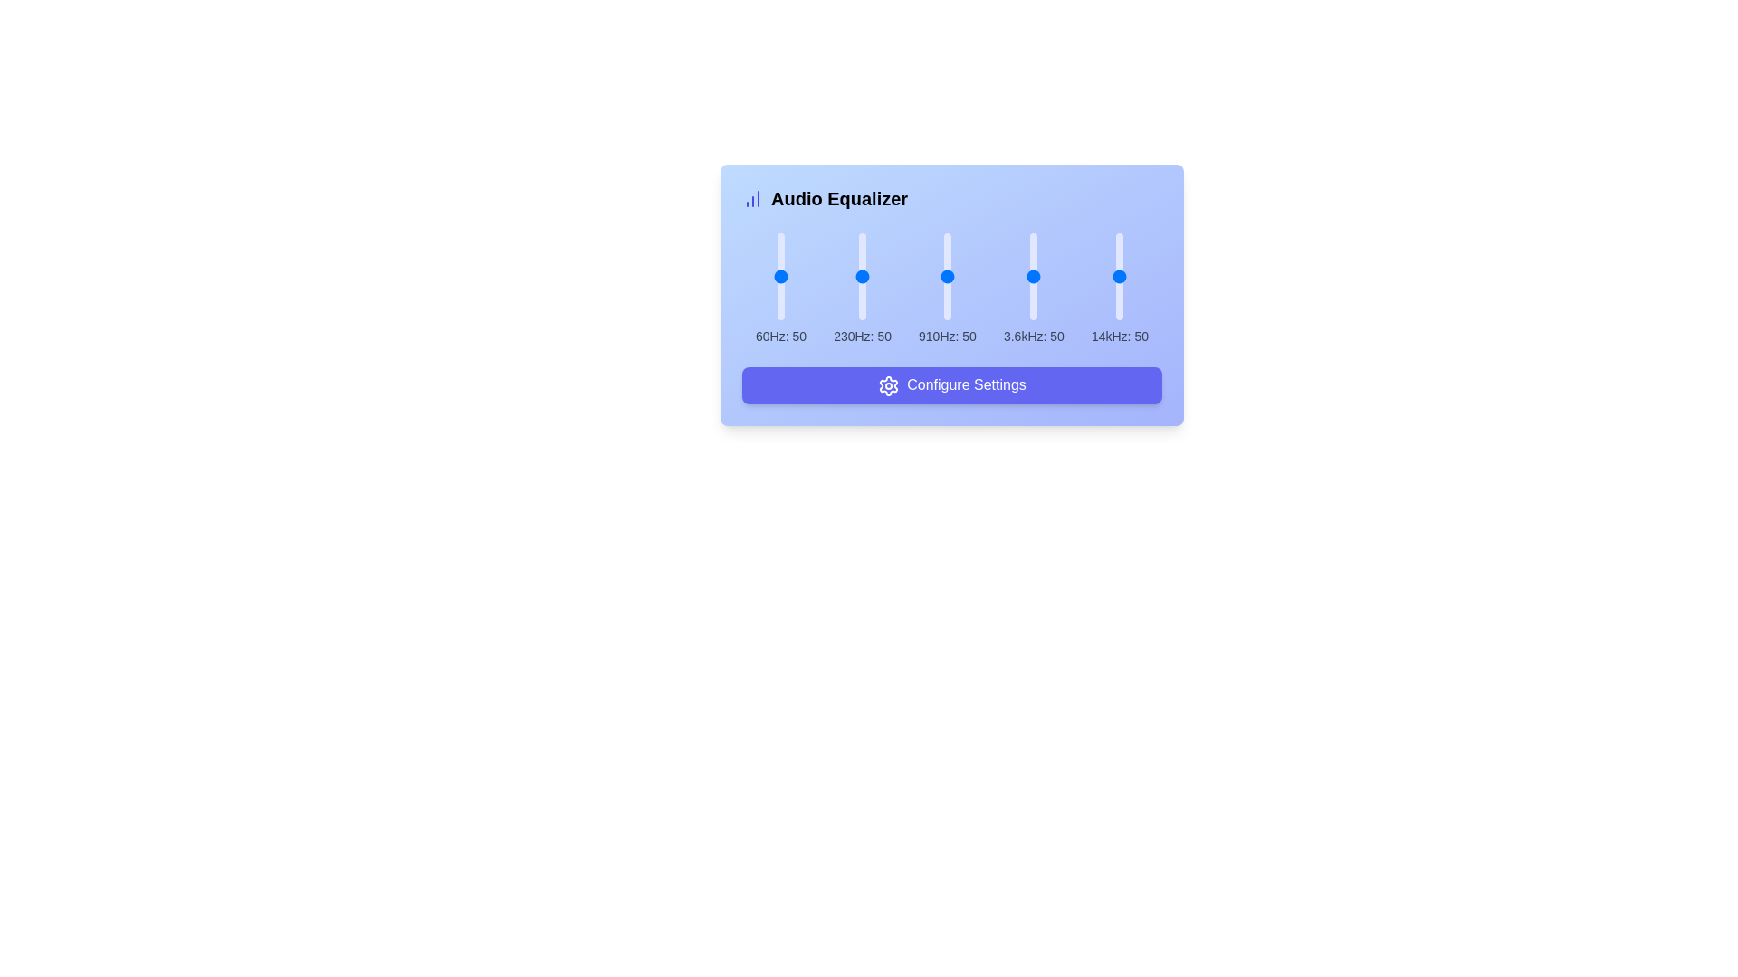  What do you see at coordinates (862, 289) in the screenshot?
I see `and drag the blue thumb of the vertical slider labeled '230Hz: 50' to adjust its value` at bounding box center [862, 289].